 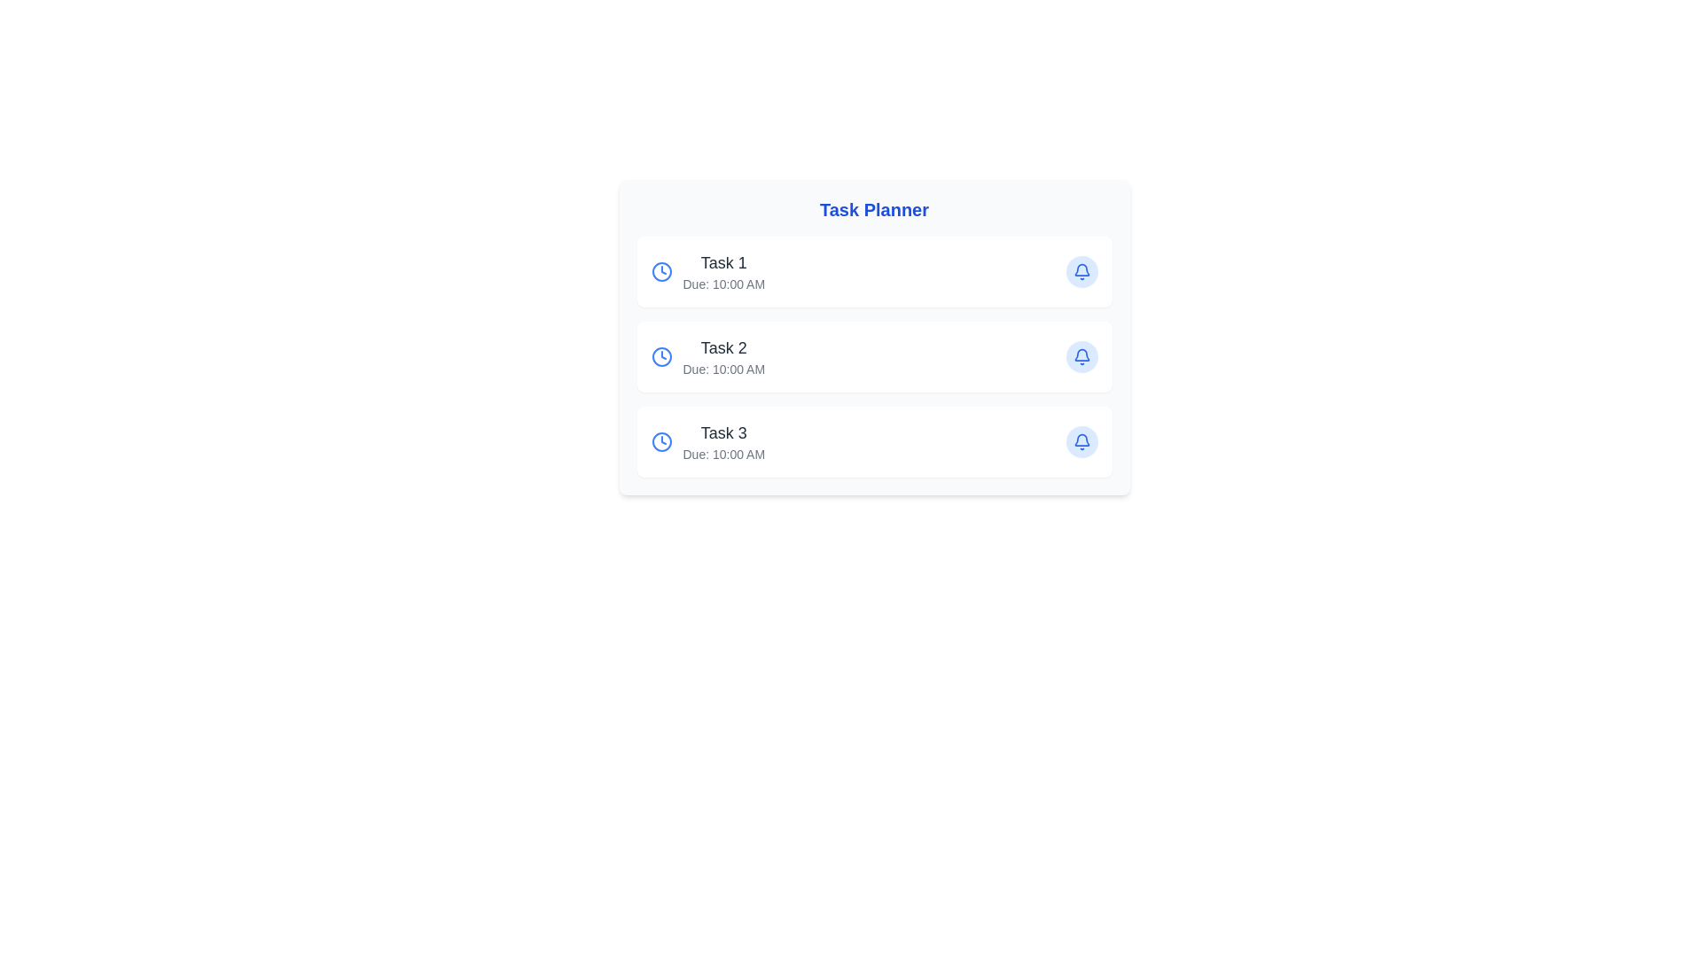 I want to click on the notification toggle button located on the rightmost side of the 'Task 3' card in the task planner interface, so click(x=1081, y=440).